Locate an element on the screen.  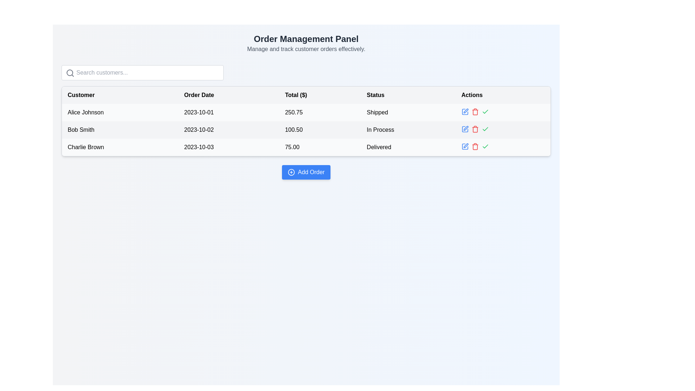
the edit icon button located in the 'Actions' column of the second row in the table is located at coordinates (466, 111).